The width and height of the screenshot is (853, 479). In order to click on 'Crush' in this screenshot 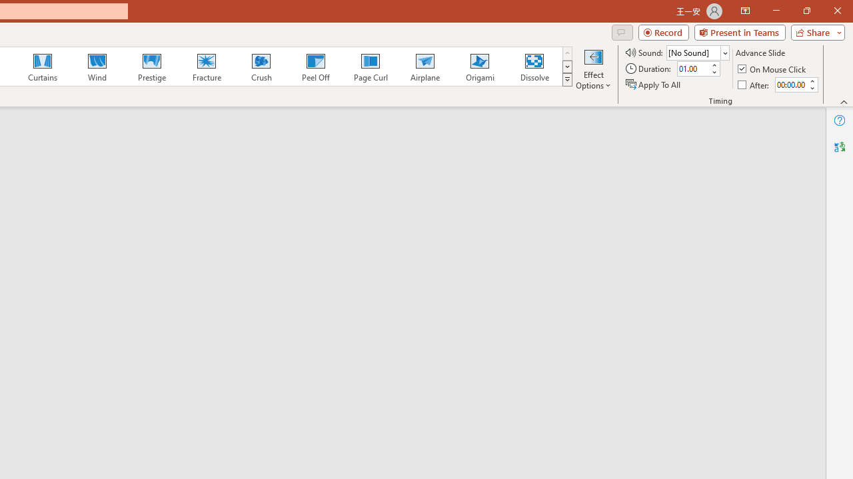, I will do `click(261, 67)`.